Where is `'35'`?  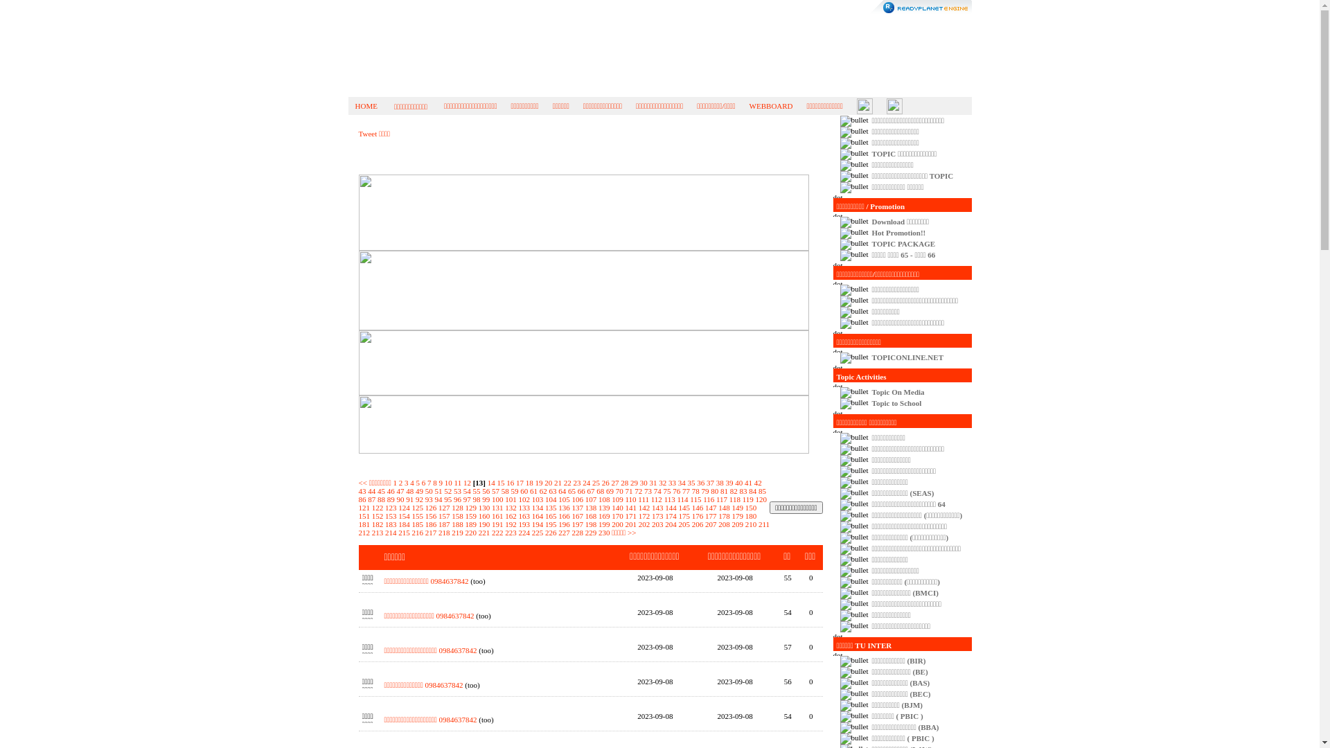
'35' is located at coordinates (691, 482).